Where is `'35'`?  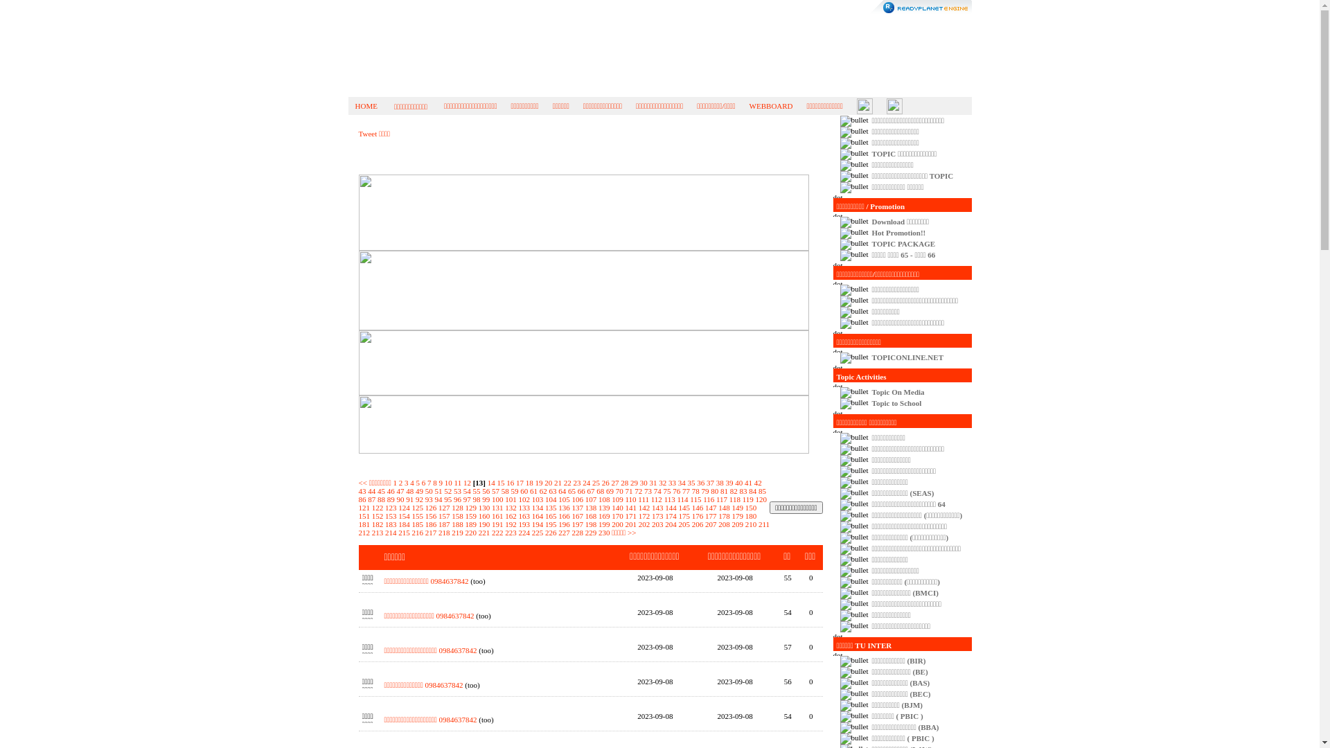
'35' is located at coordinates (691, 482).